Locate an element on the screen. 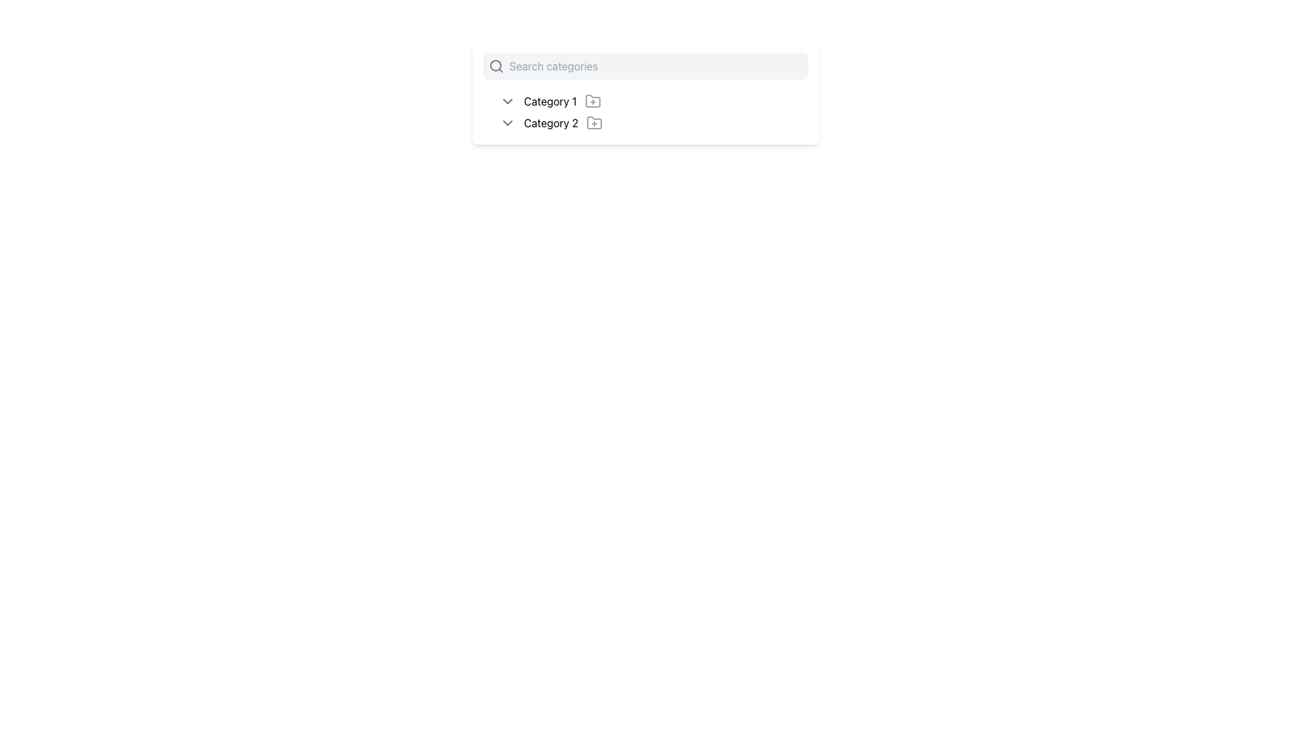  the downward-pointing chevron icon styled in gray, located to the left of the text 'Category 1' is located at coordinates (506, 101).